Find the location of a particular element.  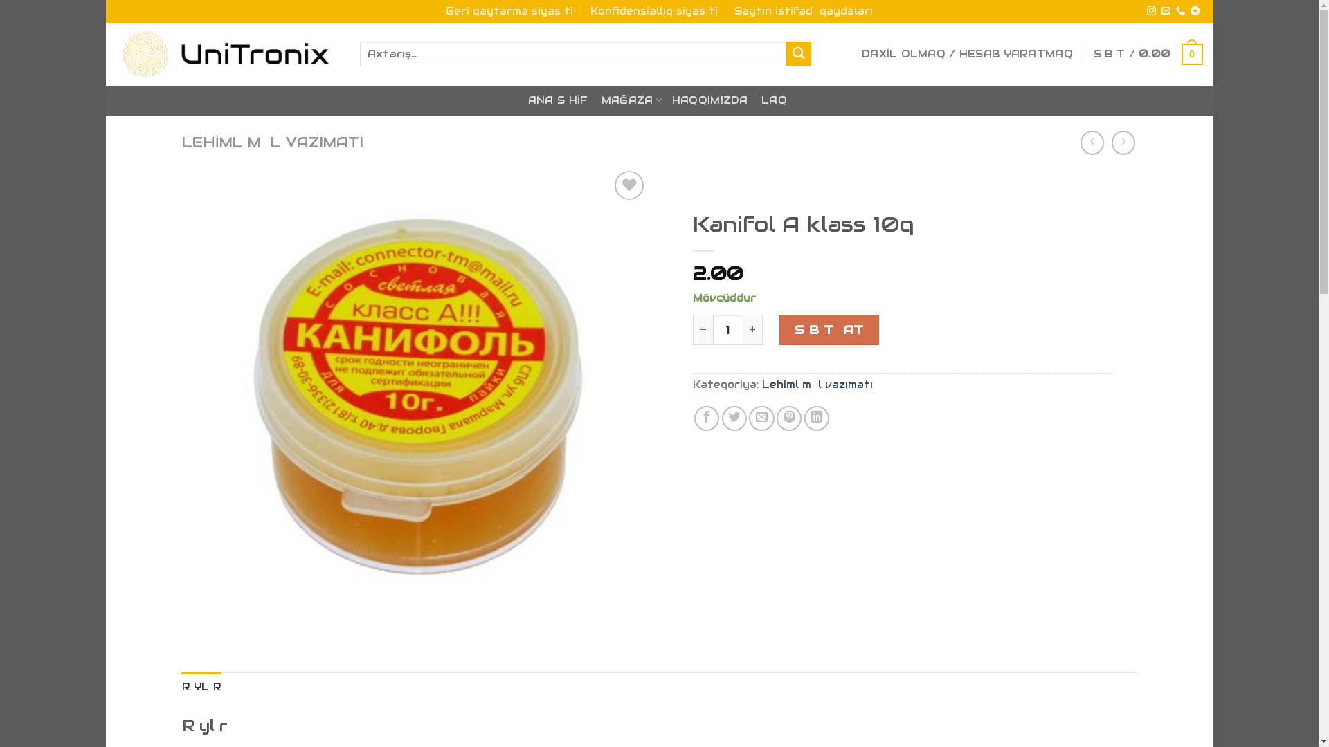

'Pin on Pinterest' is located at coordinates (789, 418).